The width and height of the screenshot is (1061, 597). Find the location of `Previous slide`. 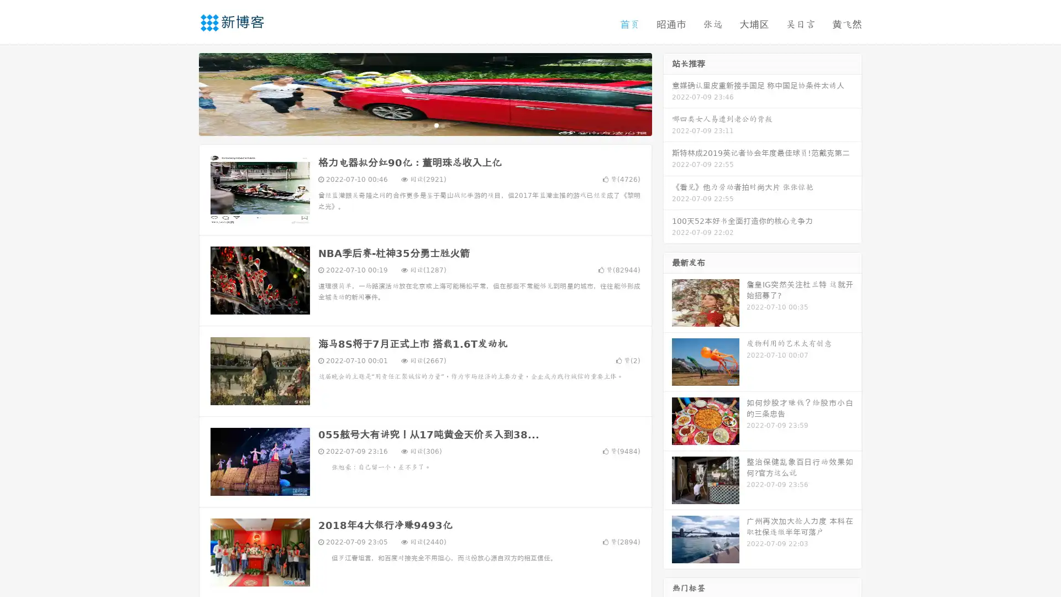

Previous slide is located at coordinates (182, 93).